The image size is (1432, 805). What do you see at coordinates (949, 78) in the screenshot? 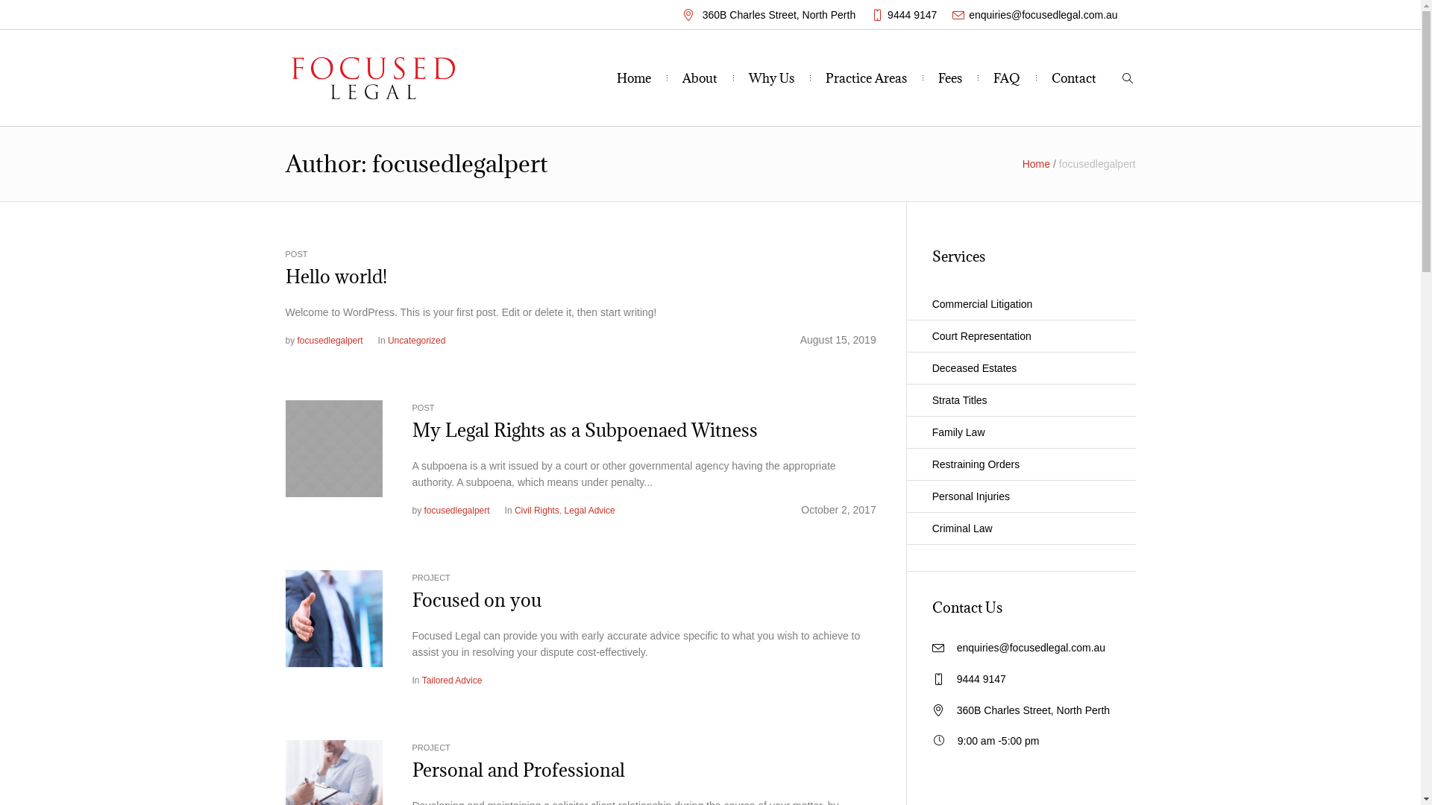
I see `'Fees'` at bounding box center [949, 78].